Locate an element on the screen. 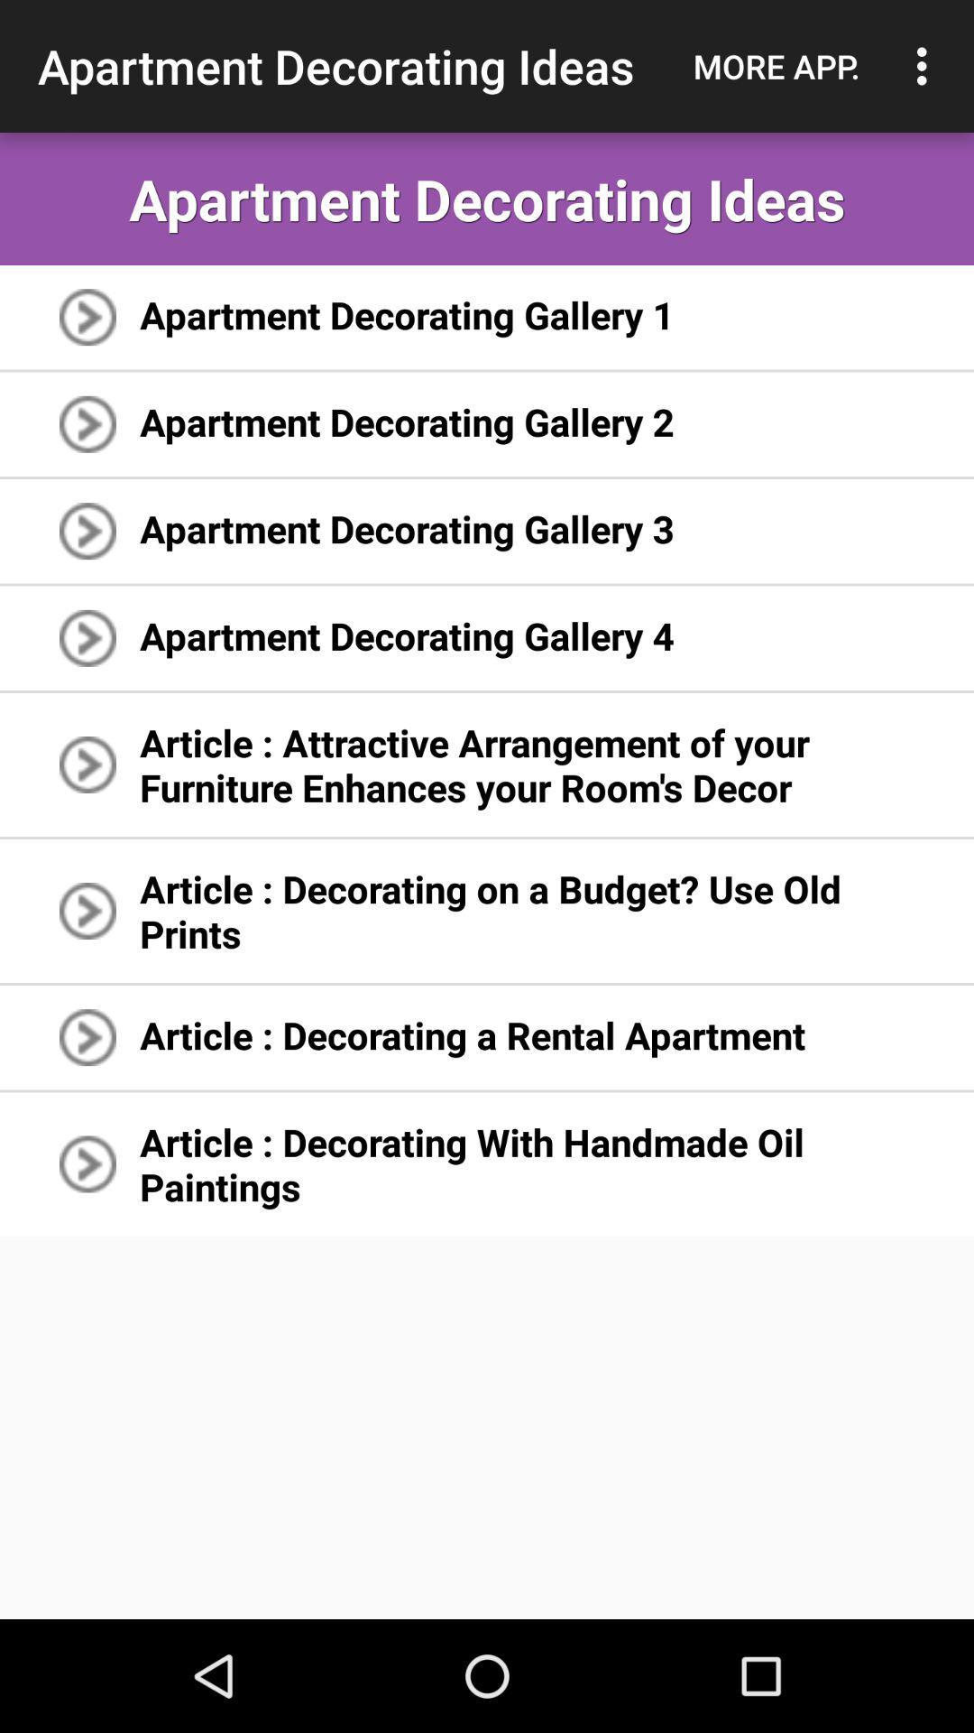 The image size is (974, 1733). right arrow icon in third option from bottom is located at coordinates (87, 911).